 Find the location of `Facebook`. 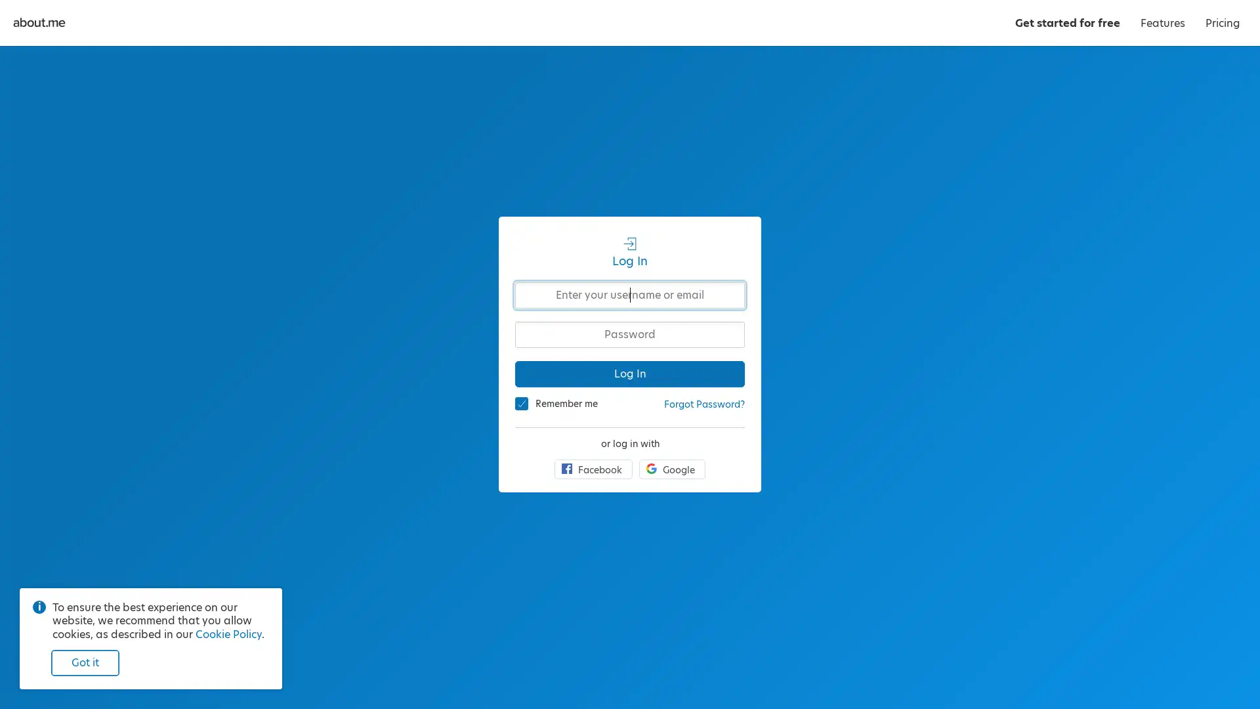

Facebook is located at coordinates (593, 467).